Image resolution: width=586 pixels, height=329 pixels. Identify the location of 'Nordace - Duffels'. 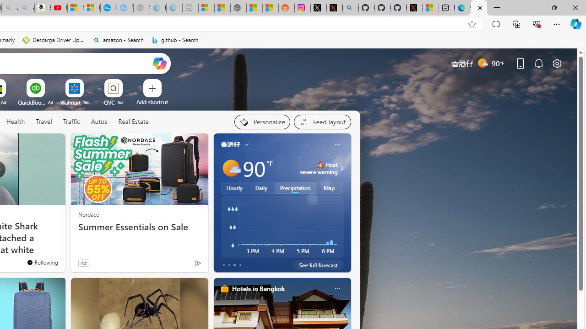
(238, 8).